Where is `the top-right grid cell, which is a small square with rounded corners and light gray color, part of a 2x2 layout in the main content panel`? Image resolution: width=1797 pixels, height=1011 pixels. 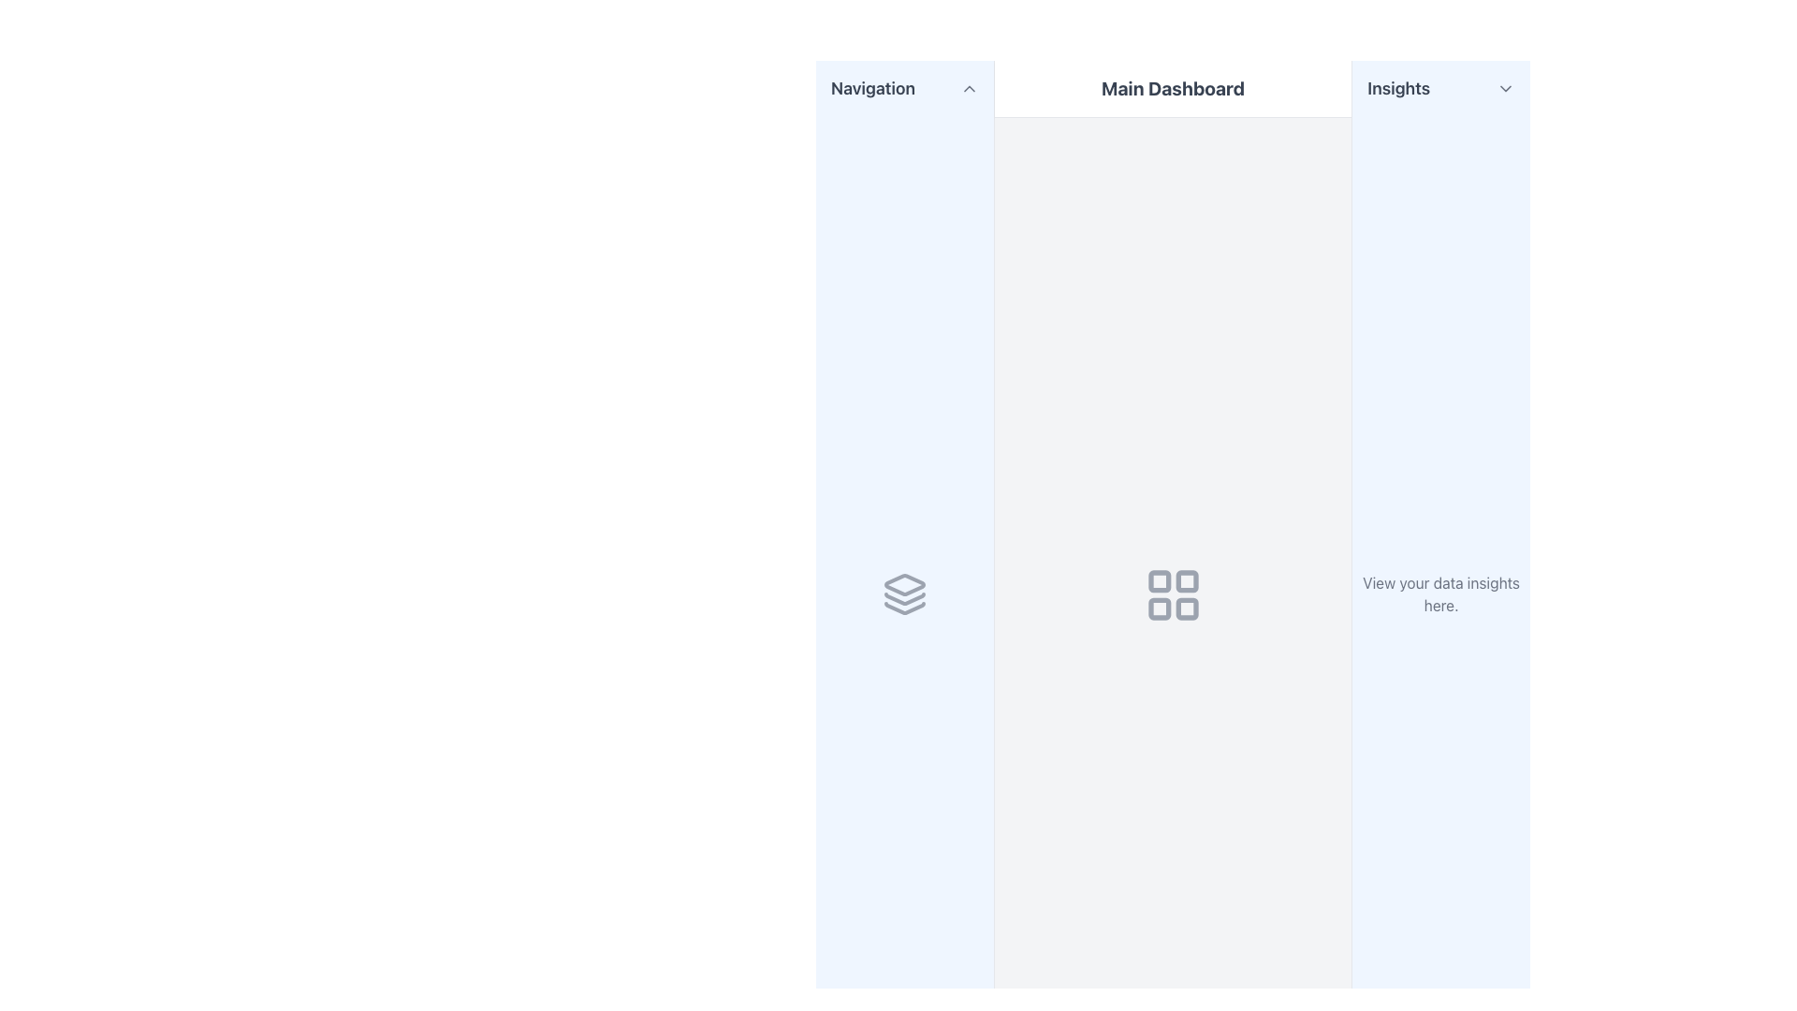
the top-right grid cell, which is a small square with rounded corners and light gray color, part of a 2x2 layout in the main content panel is located at coordinates (1186, 579).